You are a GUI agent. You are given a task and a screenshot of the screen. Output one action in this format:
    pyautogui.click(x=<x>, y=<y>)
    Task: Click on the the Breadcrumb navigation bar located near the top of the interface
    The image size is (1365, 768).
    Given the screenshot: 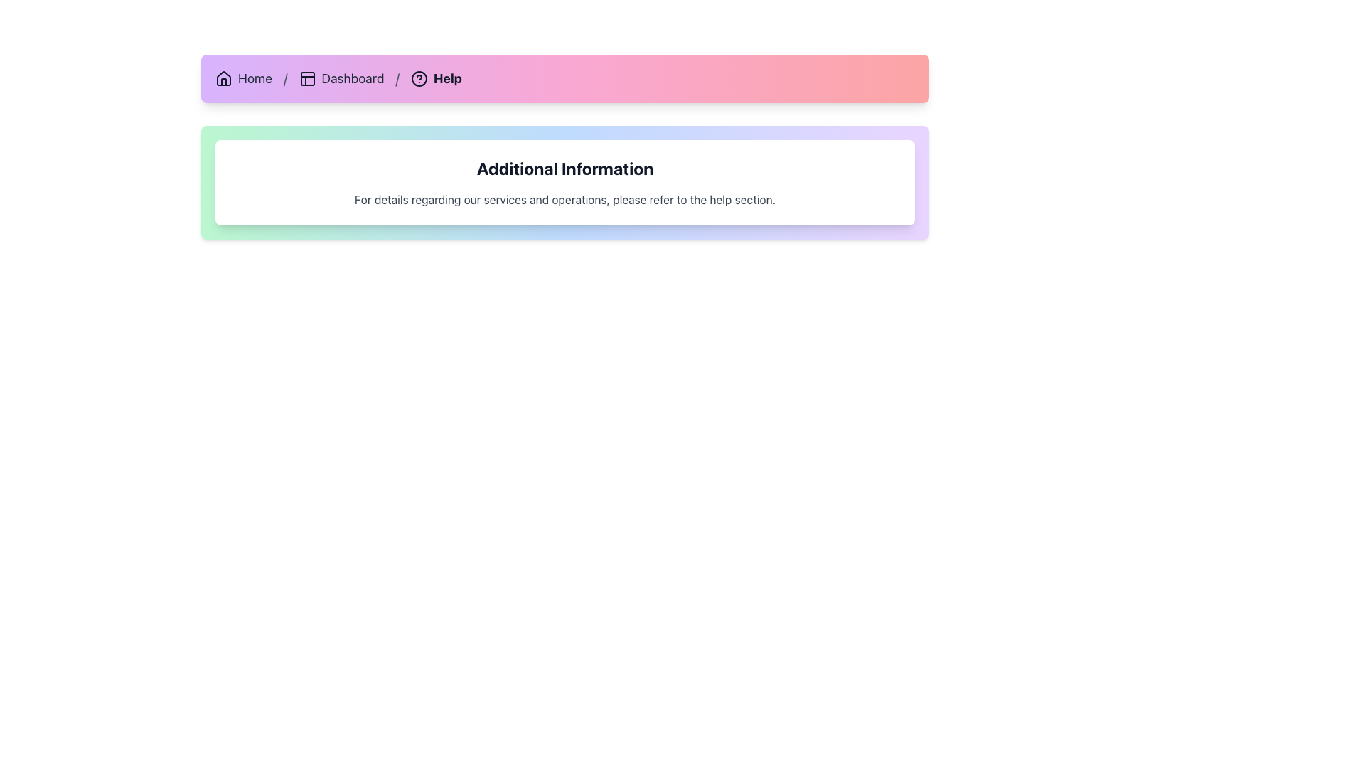 What is the action you would take?
    pyautogui.click(x=564, y=79)
    